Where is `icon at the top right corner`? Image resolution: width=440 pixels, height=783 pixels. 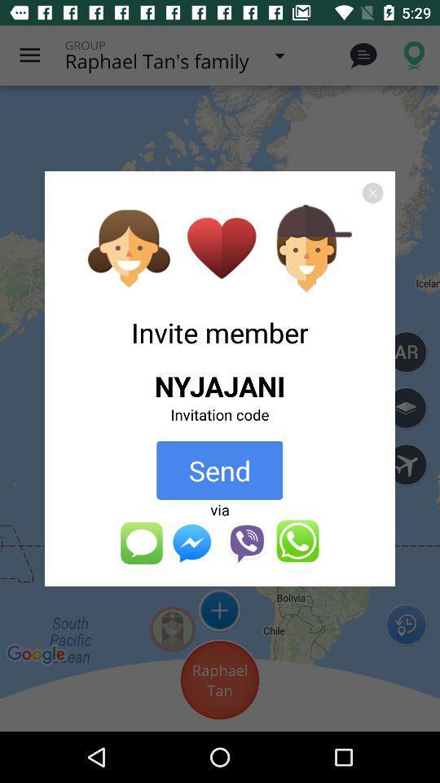
icon at the top right corner is located at coordinates (372, 192).